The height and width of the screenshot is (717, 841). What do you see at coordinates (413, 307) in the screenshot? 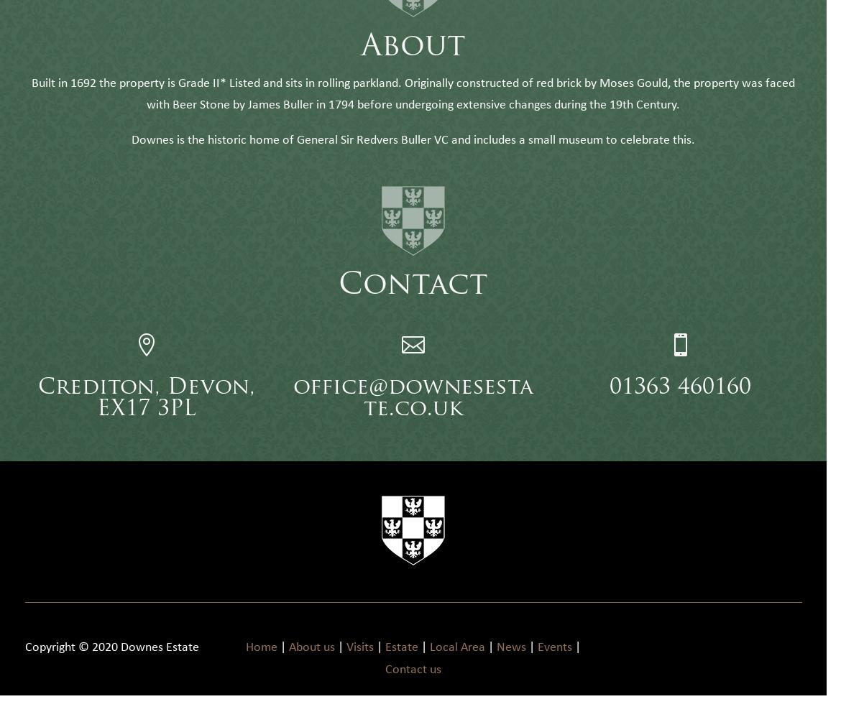
I see `'Contact'` at bounding box center [413, 307].